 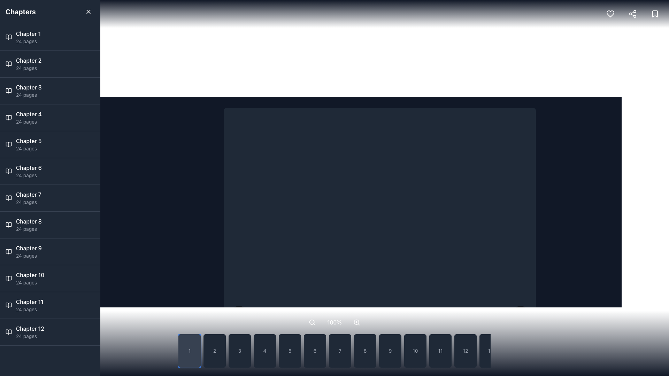 What do you see at coordinates (390, 351) in the screenshot?
I see `the button displaying the number '9' with a dark gray background located towards the lower part of the interface` at bounding box center [390, 351].